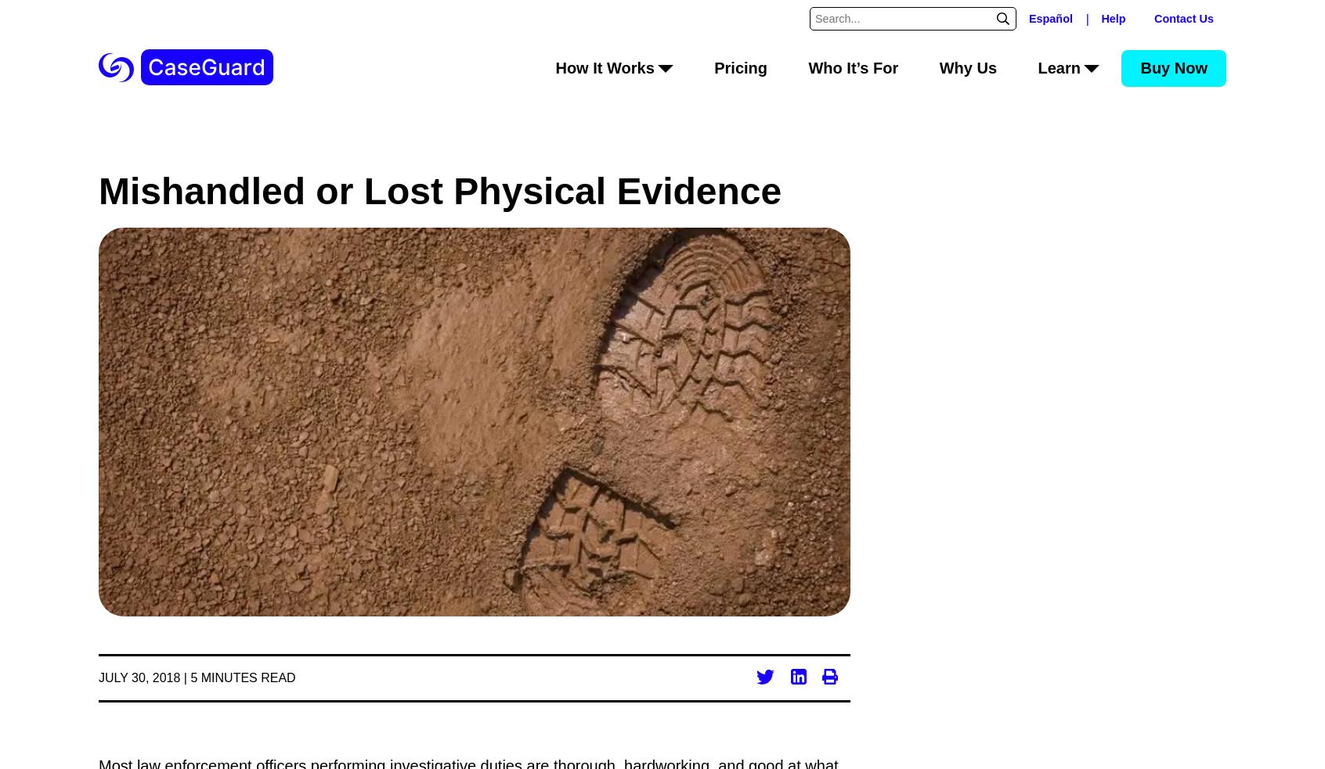 The height and width of the screenshot is (769, 1325). I want to click on 'Español', so click(1050, 17).